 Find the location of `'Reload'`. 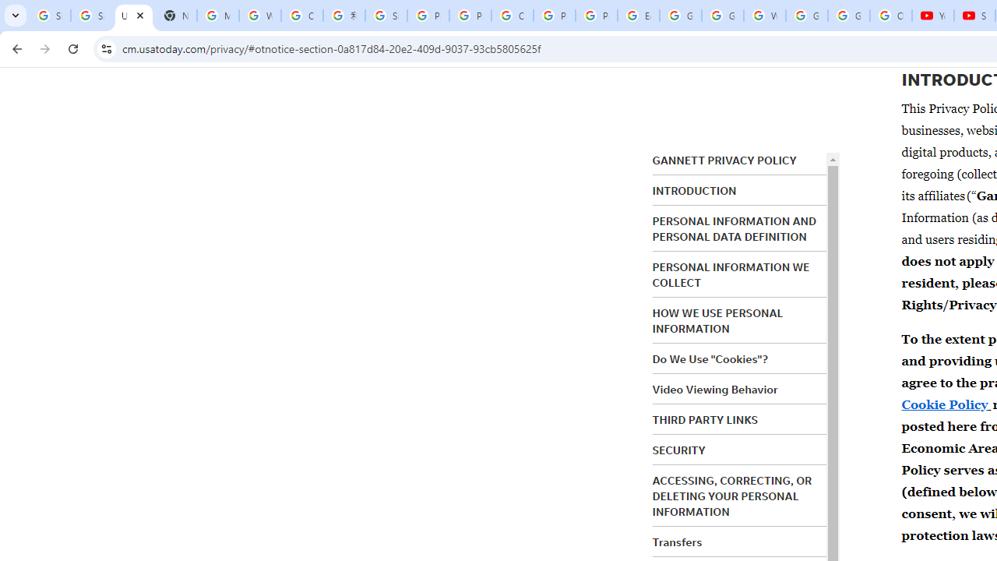

'Reload' is located at coordinates (72, 48).